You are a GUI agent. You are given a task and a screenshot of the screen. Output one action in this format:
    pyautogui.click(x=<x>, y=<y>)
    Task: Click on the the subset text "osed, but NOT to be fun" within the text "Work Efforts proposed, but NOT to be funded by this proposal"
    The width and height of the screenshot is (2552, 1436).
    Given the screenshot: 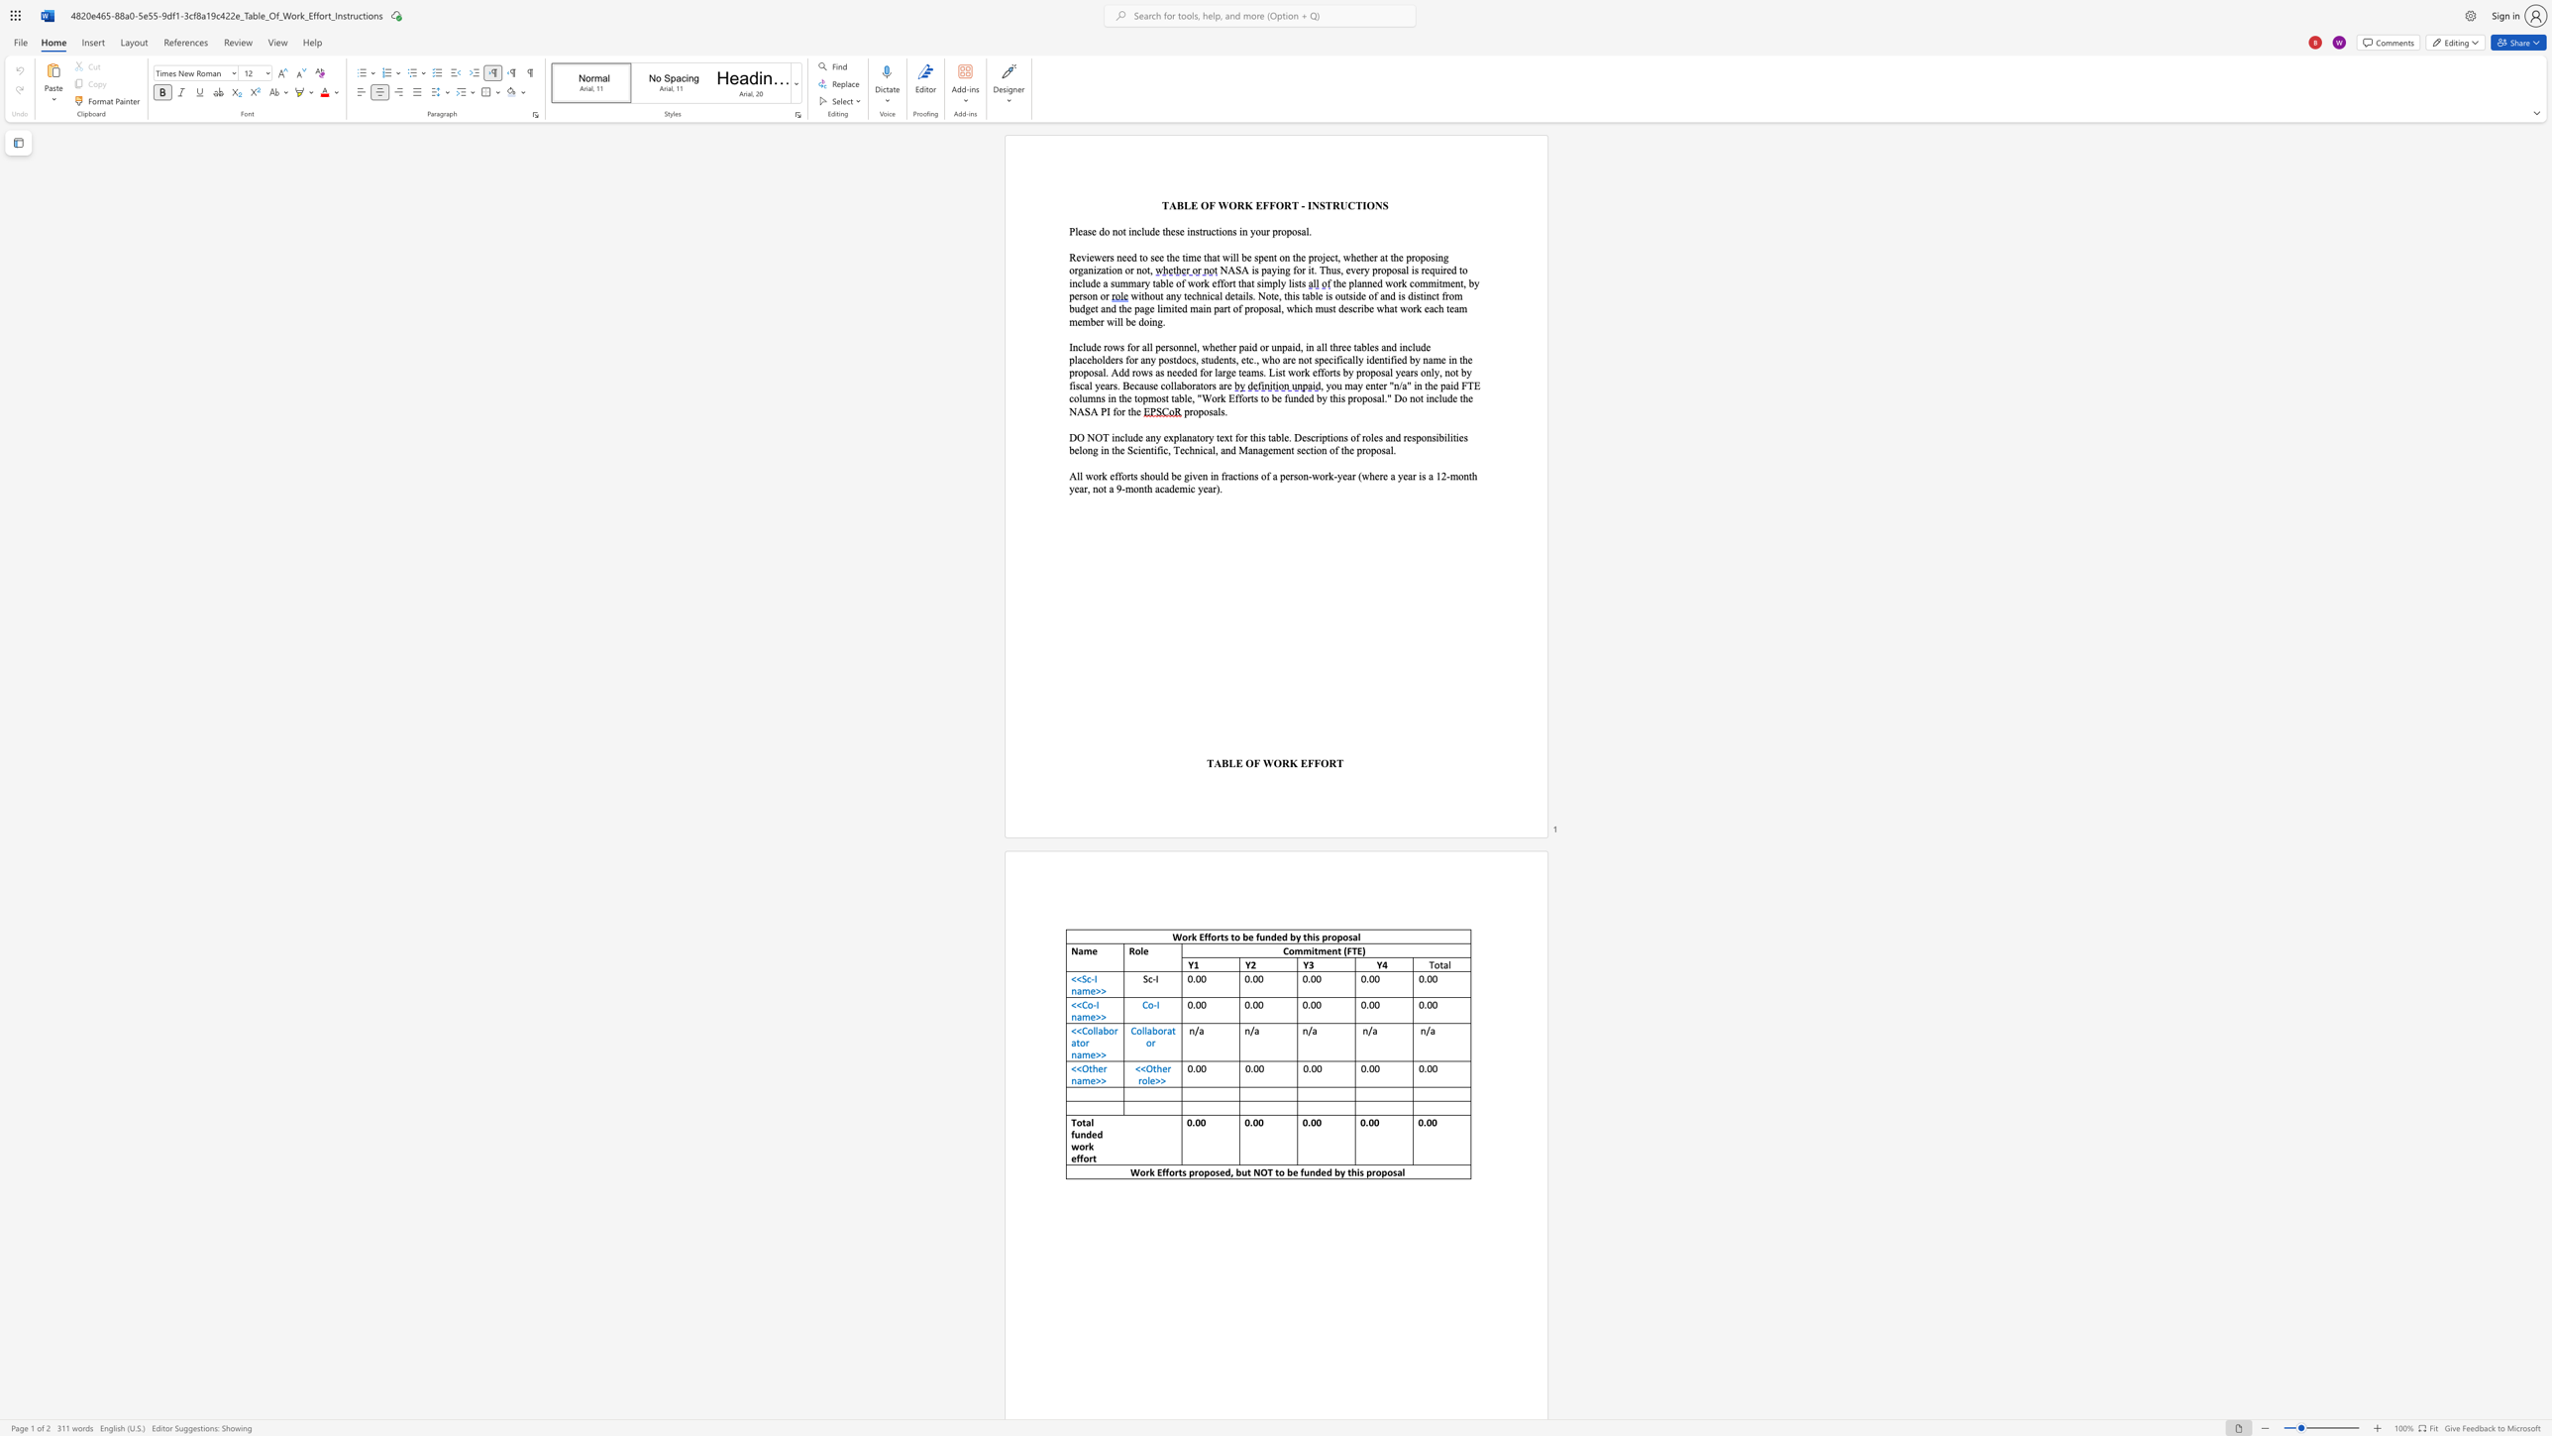 What is the action you would take?
    pyautogui.click(x=1209, y=1171)
    